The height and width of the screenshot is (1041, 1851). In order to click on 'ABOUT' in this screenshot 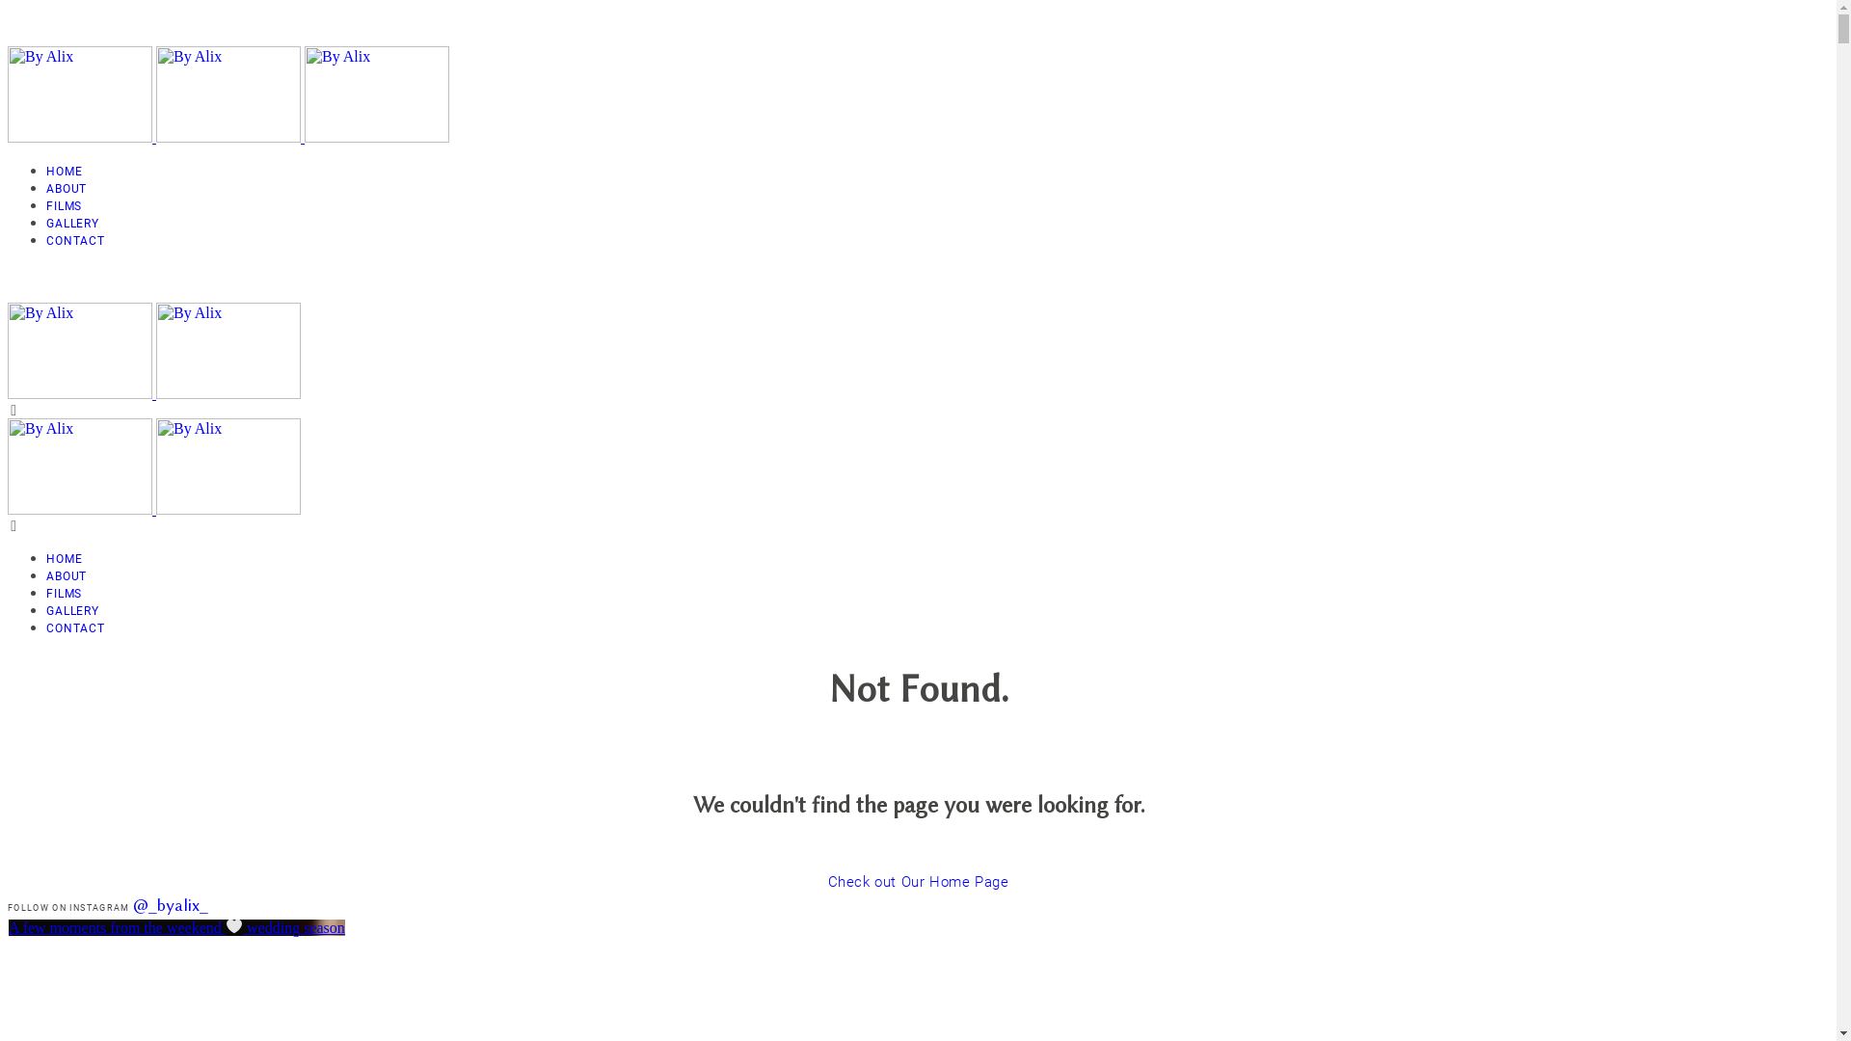, I will do `click(66, 189)`.